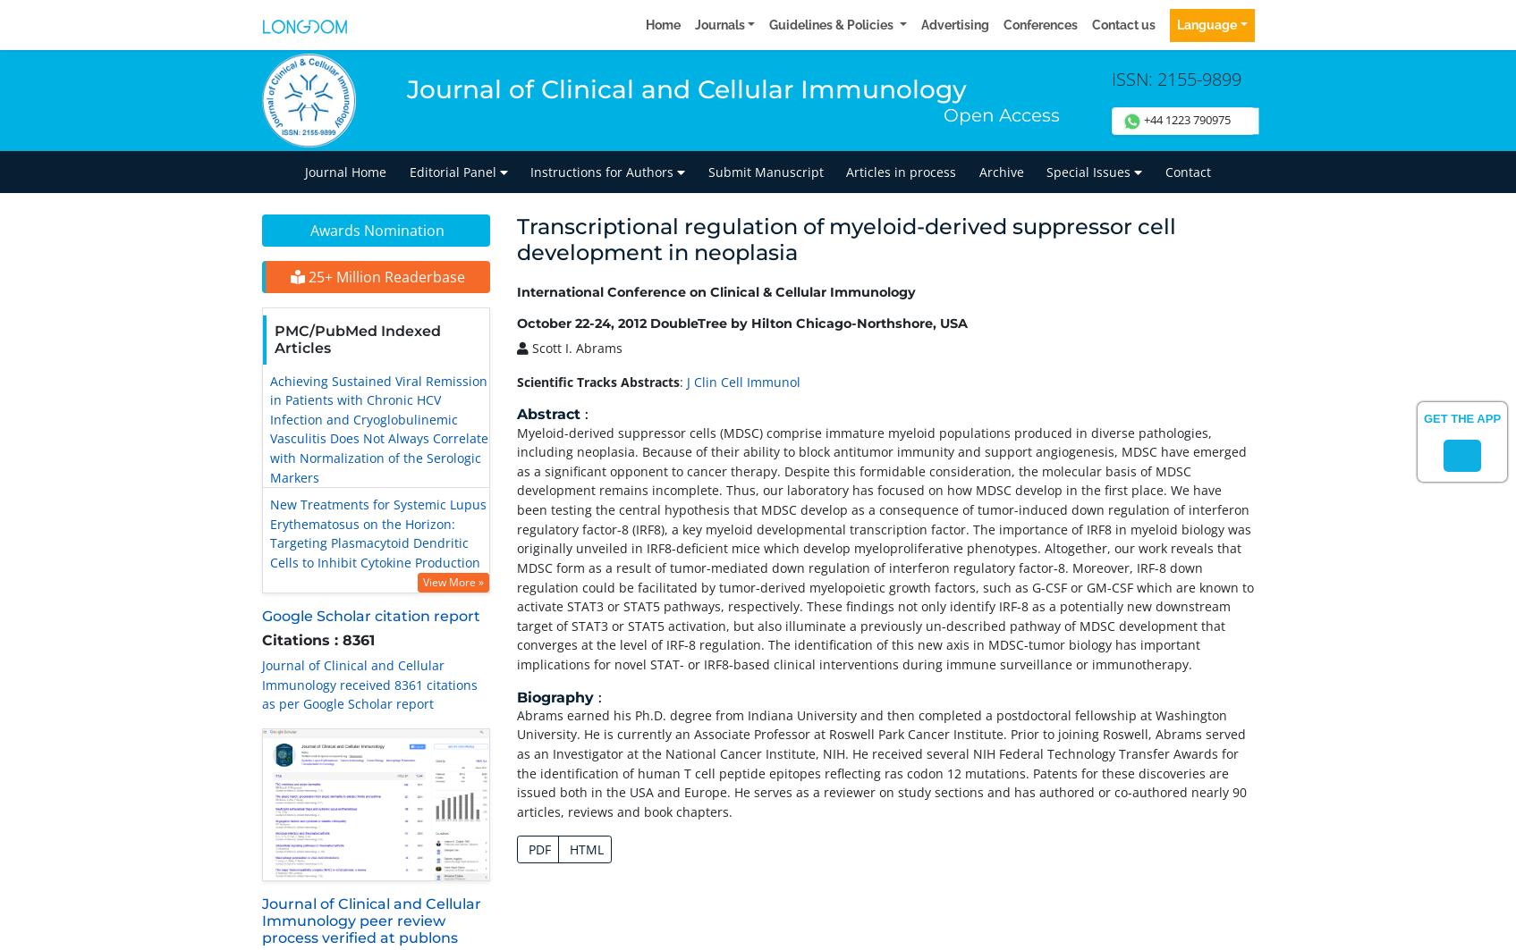 The height and width of the screenshot is (950, 1516). I want to click on 'Journal of Clinical and Cellular Immunology', so click(686, 88).